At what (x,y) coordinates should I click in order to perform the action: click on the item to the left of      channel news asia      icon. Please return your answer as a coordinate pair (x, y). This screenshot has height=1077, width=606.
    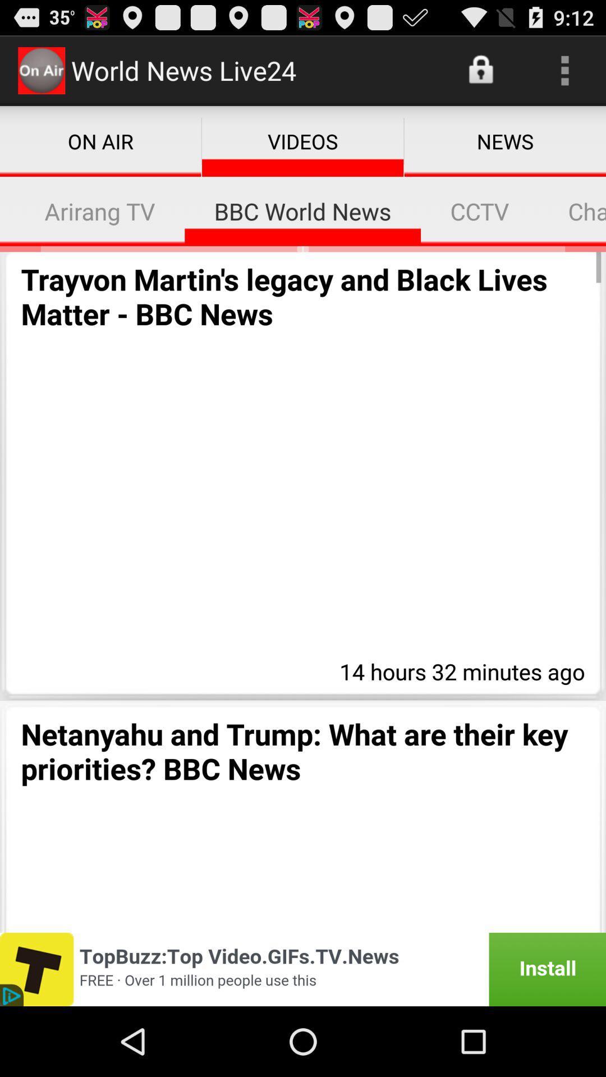
    Looking at the image, I should click on (480, 211).